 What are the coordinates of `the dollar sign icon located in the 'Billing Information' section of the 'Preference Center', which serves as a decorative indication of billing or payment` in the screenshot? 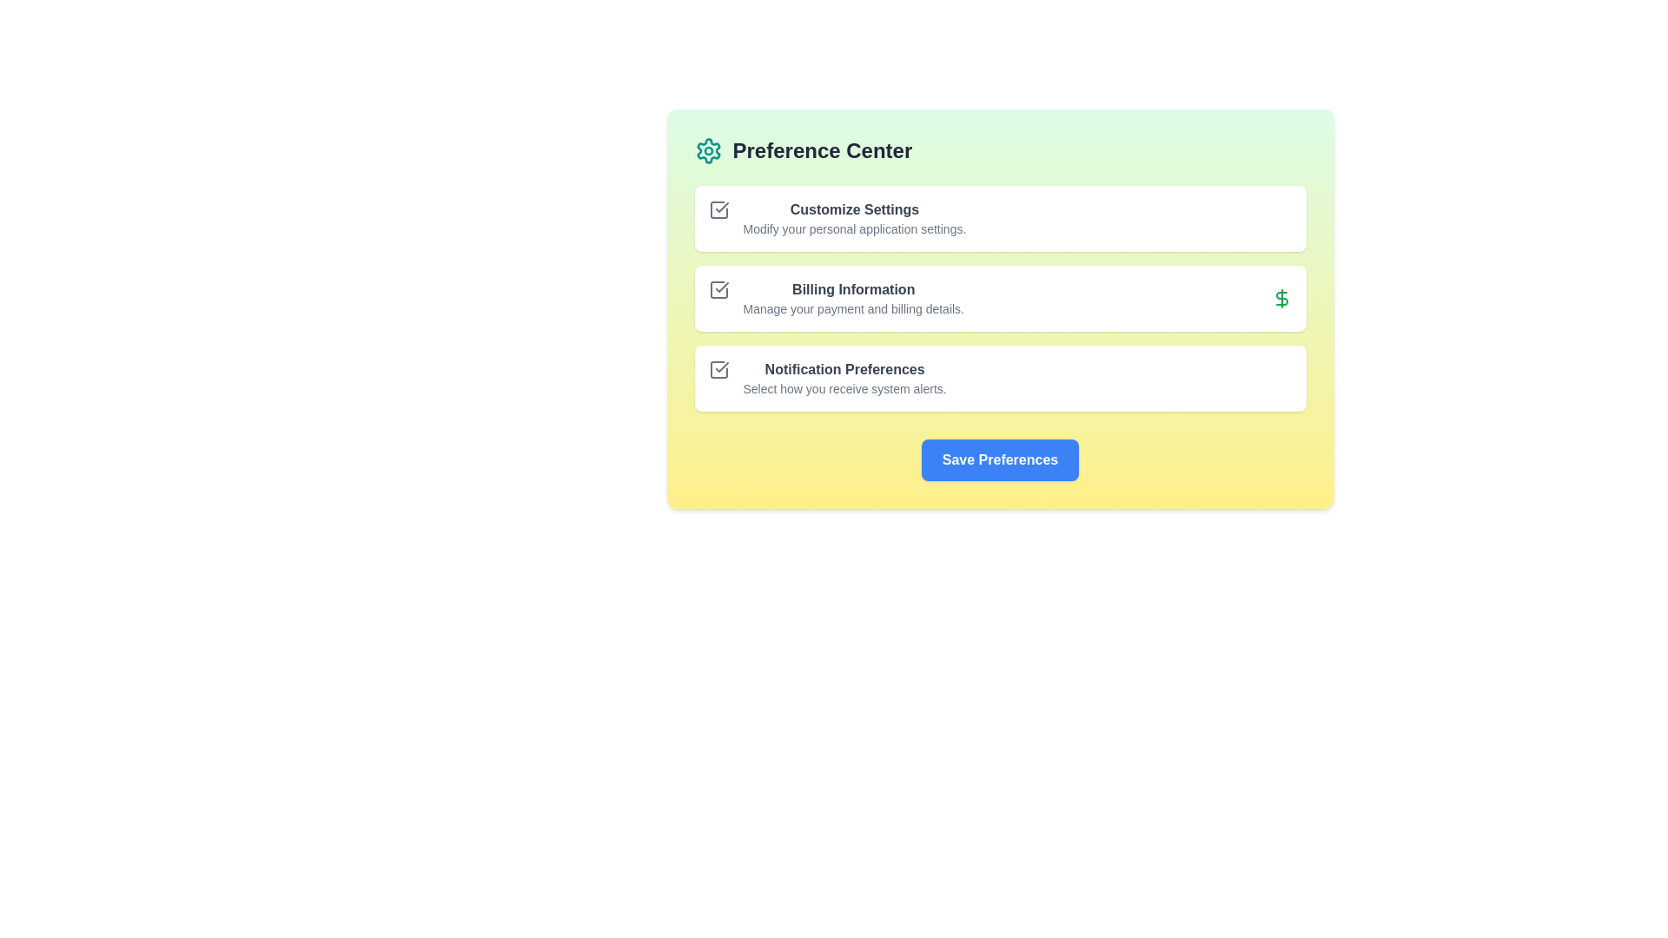 It's located at (1281, 297).